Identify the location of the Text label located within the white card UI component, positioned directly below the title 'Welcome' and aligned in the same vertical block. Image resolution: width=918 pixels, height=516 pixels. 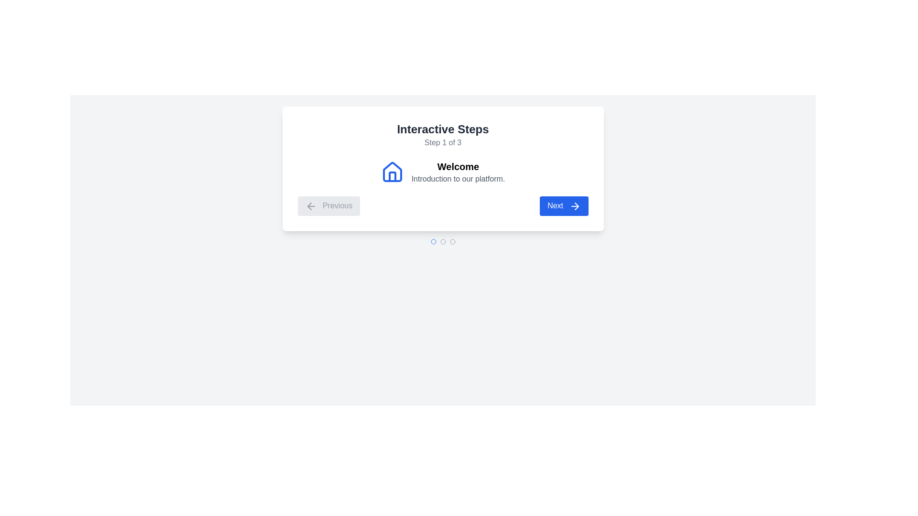
(458, 179).